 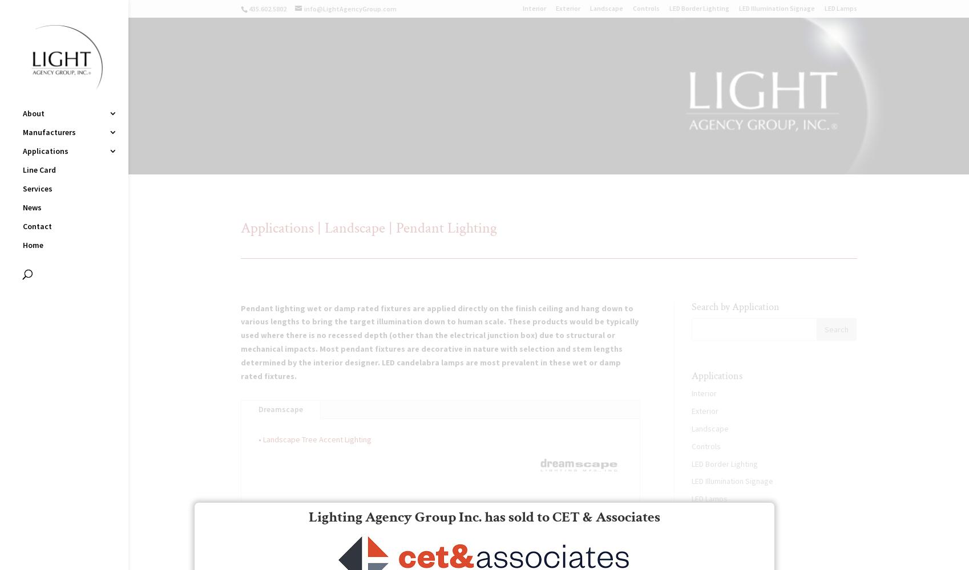 What do you see at coordinates (152, 155) in the screenshot?
I see `'Hevi Lite, Inc.'` at bounding box center [152, 155].